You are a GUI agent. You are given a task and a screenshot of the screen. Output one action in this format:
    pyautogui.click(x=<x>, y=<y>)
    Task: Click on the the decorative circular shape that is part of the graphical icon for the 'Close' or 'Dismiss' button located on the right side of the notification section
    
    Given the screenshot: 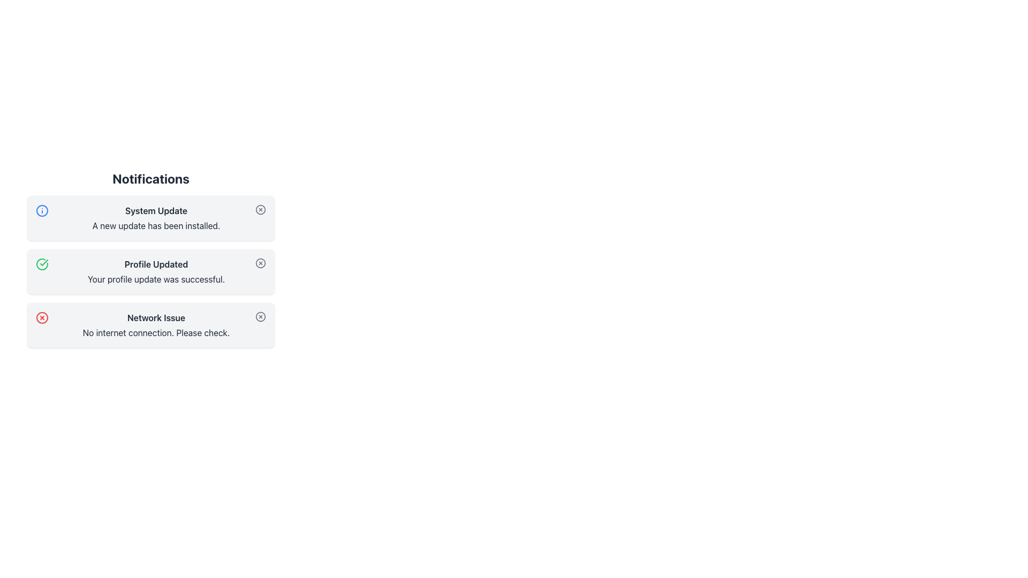 What is the action you would take?
    pyautogui.click(x=260, y=263)
    